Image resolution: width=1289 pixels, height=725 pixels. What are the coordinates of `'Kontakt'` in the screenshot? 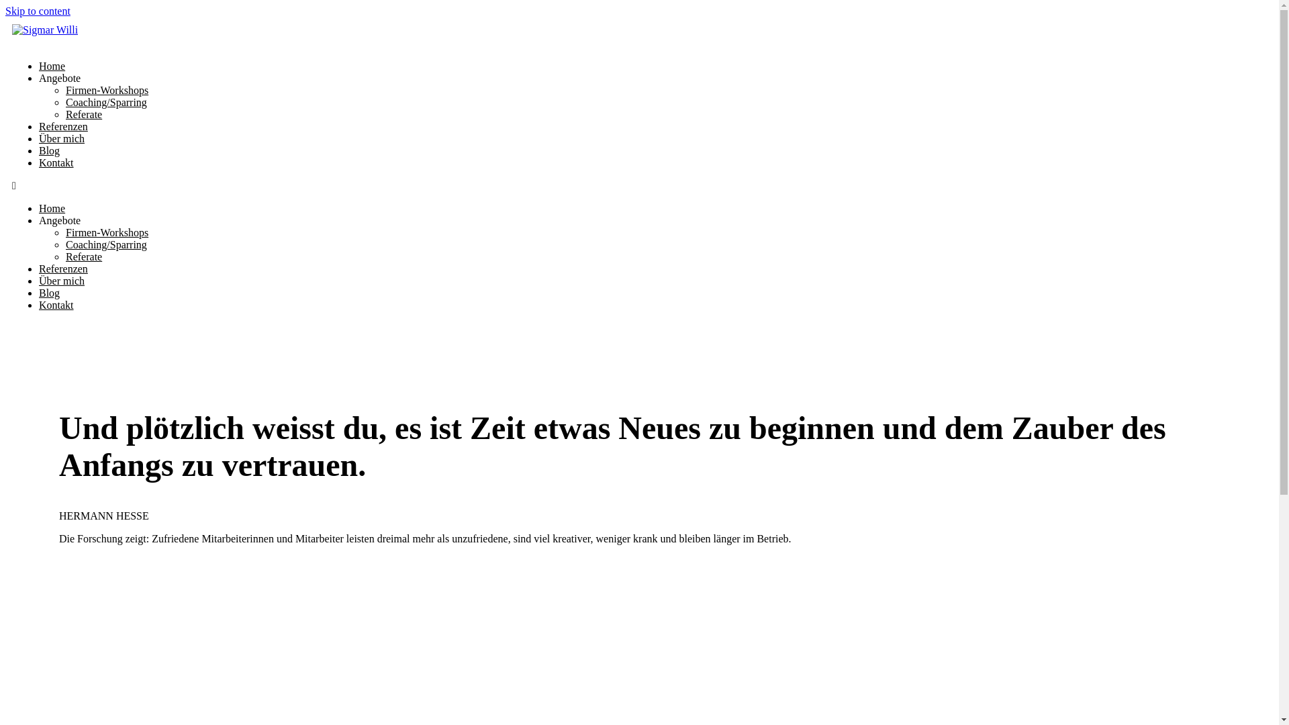 It's located at (55, 305).